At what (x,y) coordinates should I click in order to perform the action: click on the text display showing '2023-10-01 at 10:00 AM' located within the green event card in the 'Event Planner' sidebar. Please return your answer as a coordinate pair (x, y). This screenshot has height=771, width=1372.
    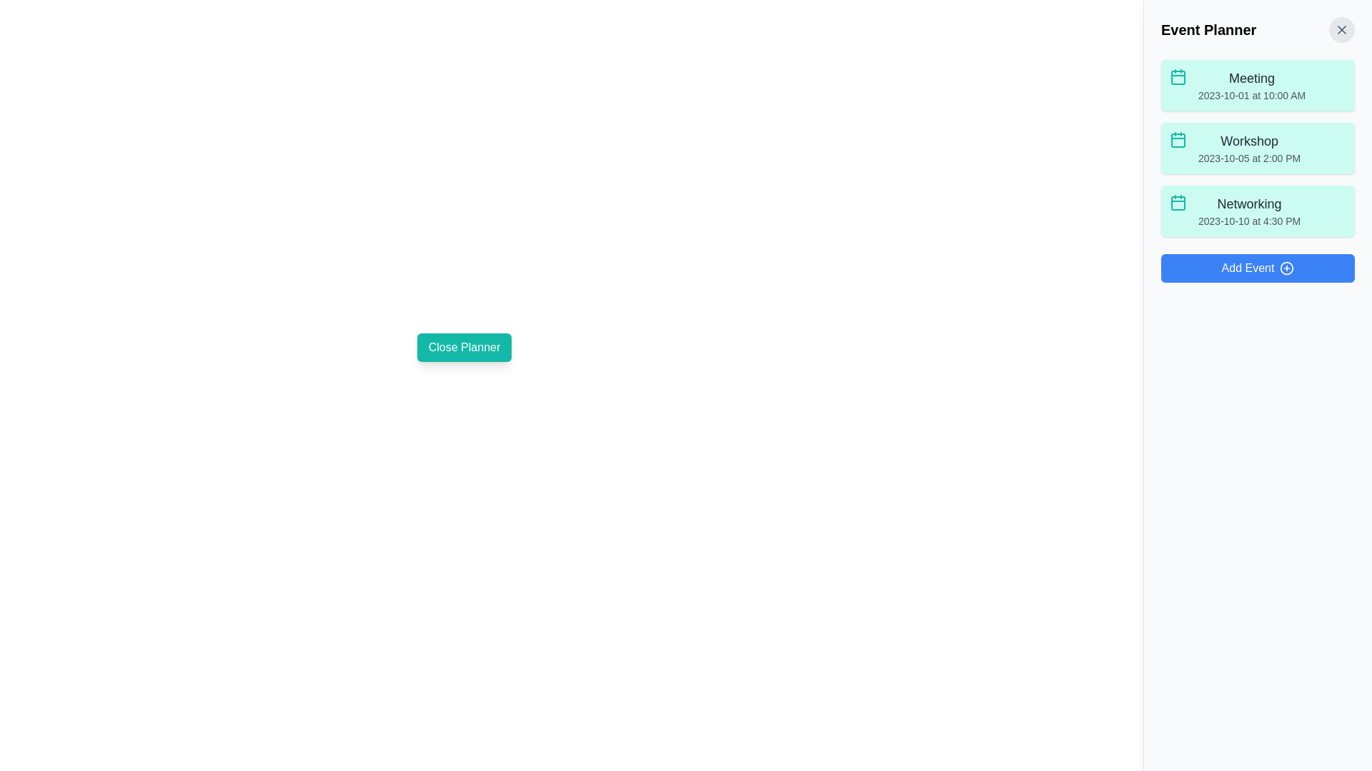
    Looking at the image, I should click on (1251, 96).